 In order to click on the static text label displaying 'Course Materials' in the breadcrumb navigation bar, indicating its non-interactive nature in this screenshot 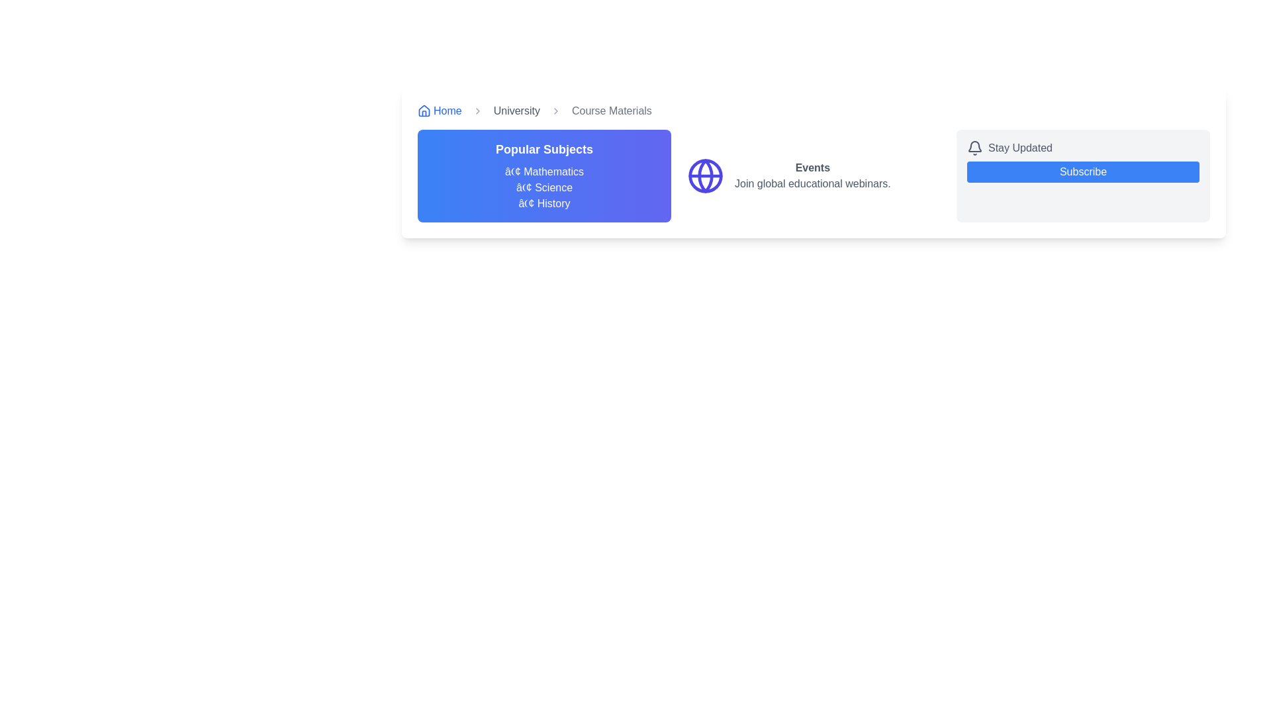, I will do `click(611, 111)`.